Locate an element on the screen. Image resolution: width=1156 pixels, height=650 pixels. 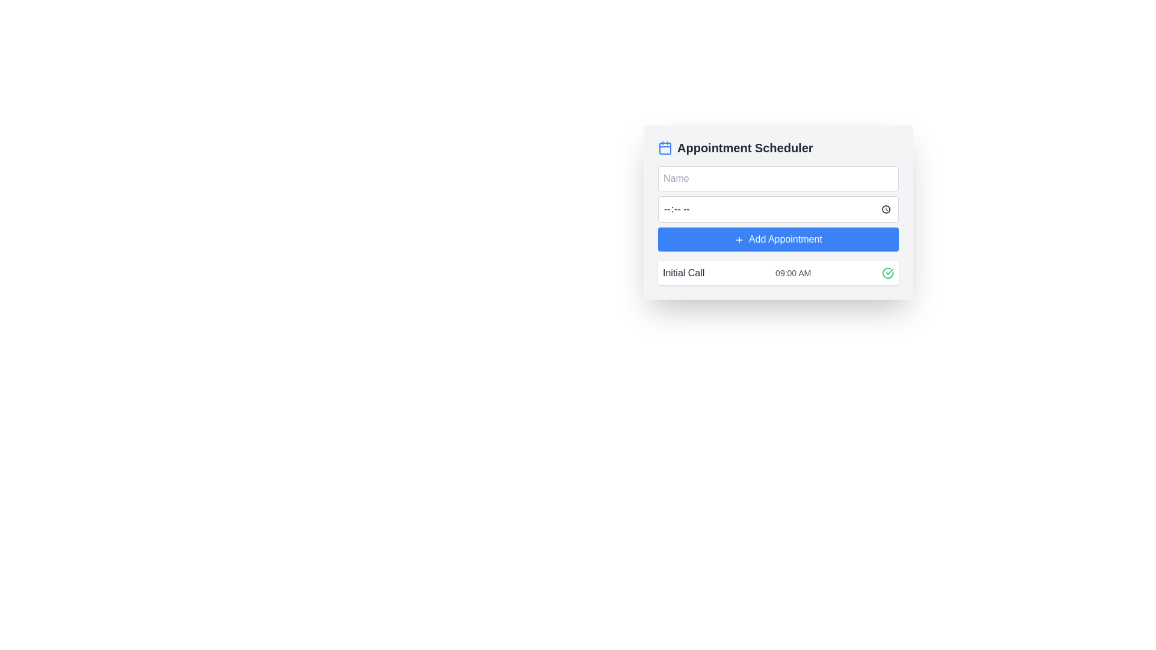
the rounded rectangular shape in the center of the calendar icon, which is part of the 'Appointment Scheduler' interface is located at coordinates (664, 147).